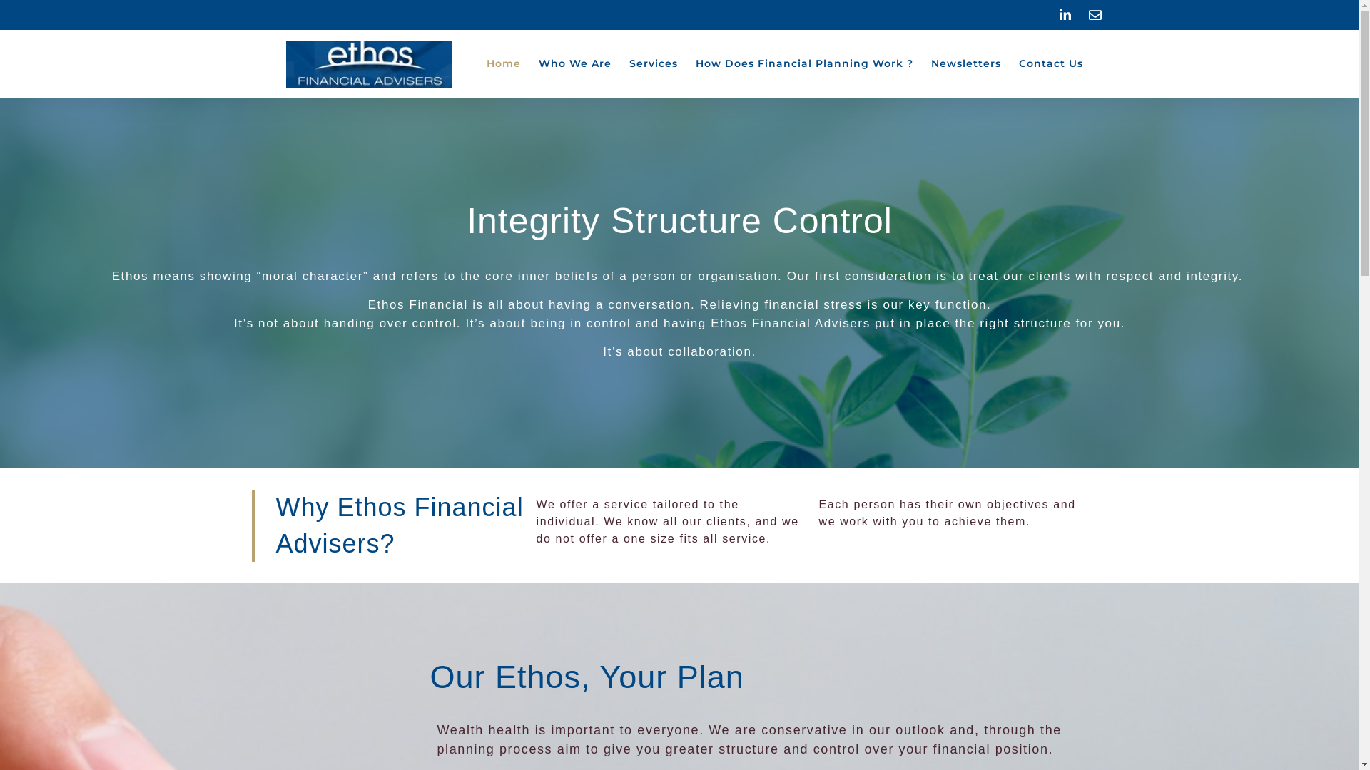  What do you see at coordinates (574, 63) in the screenshot?
I see `'Who We Are'` at bounding box center [574, 63].